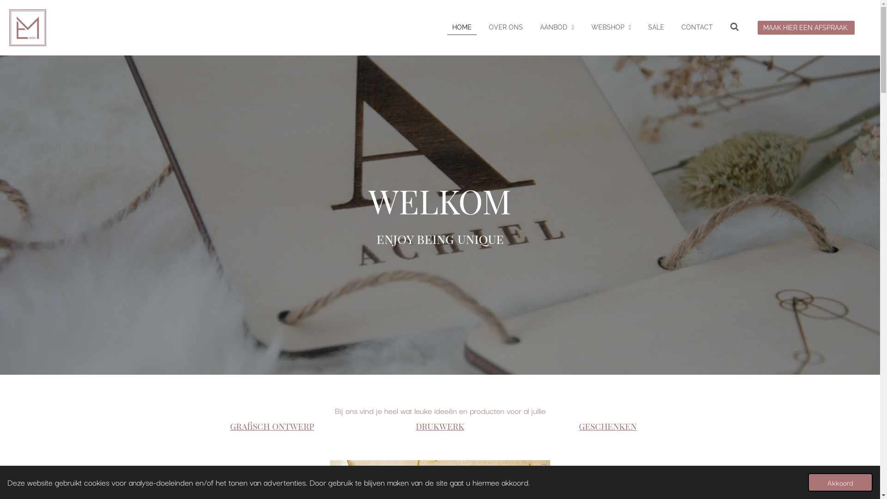  Describe the element at coordinates (447, 27) in the screenshot. I see `'HOME'` at that location.